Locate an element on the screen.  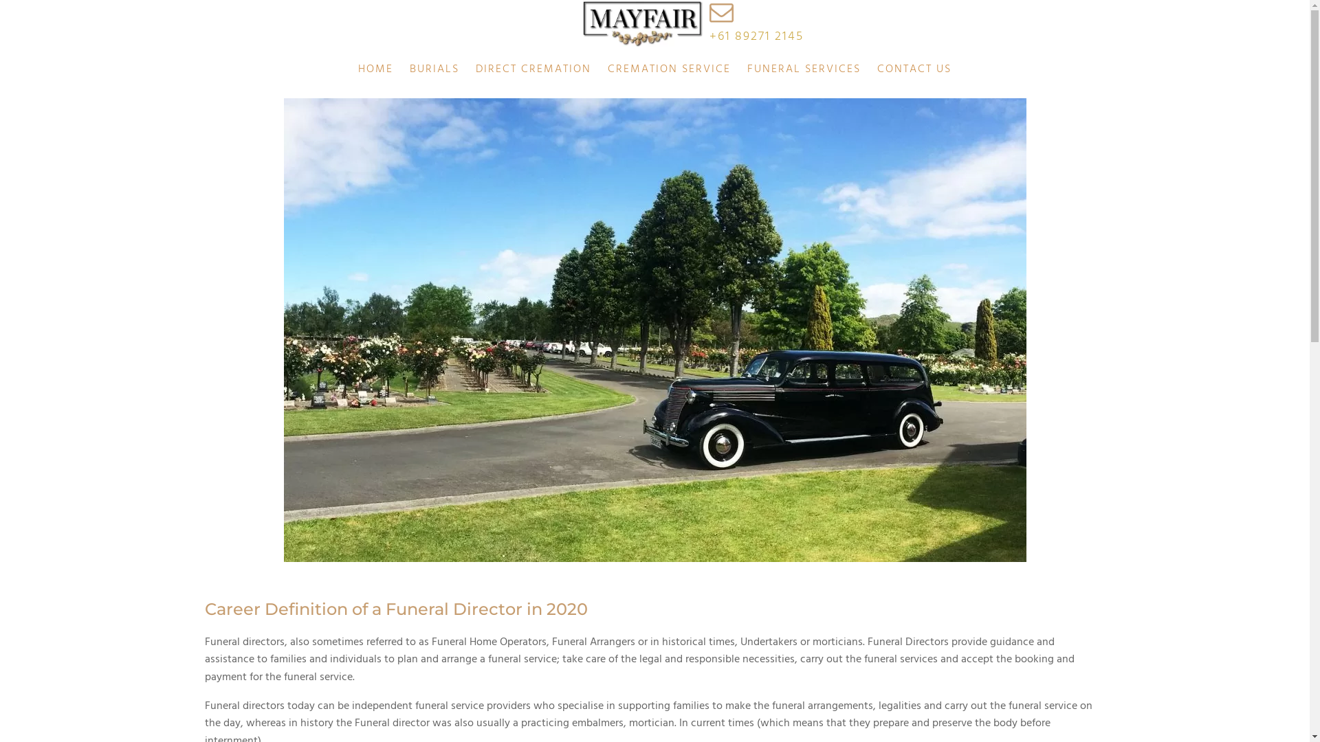
'+61 89271 2145' is located at coordinates (756, 36).